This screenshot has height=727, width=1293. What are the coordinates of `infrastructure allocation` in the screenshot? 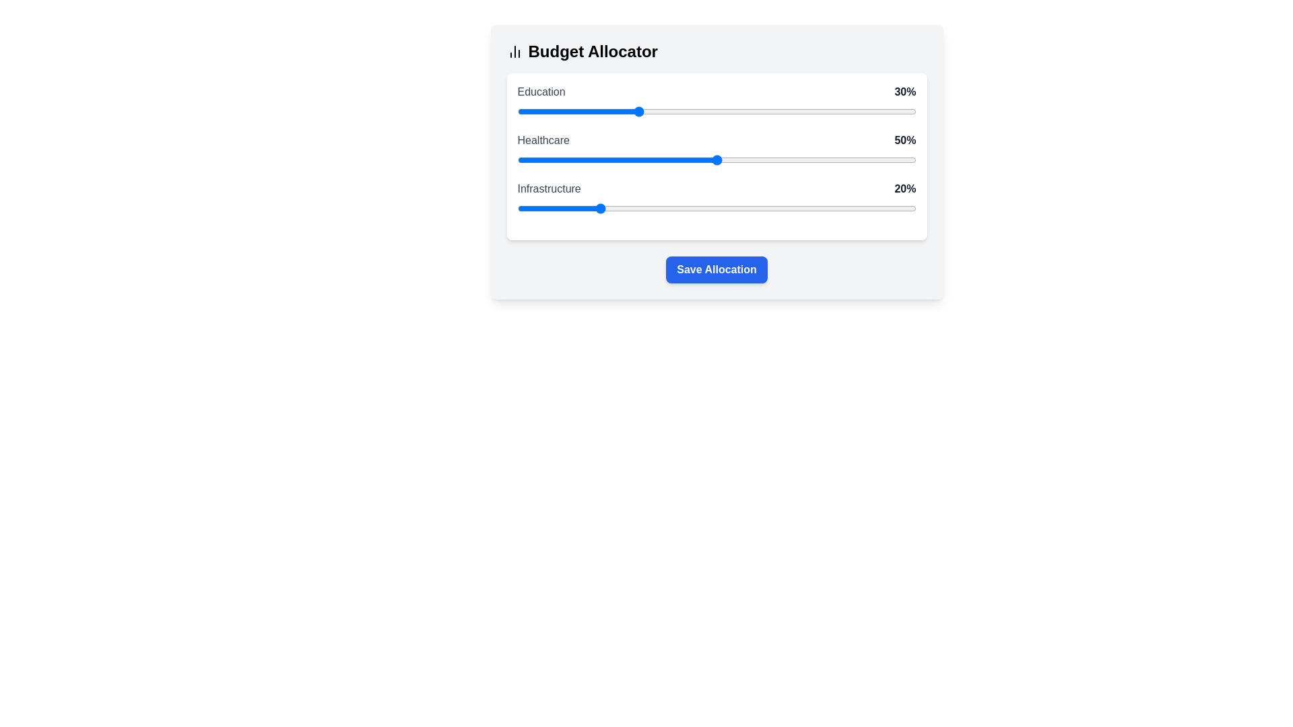 It's located at (636, 208).